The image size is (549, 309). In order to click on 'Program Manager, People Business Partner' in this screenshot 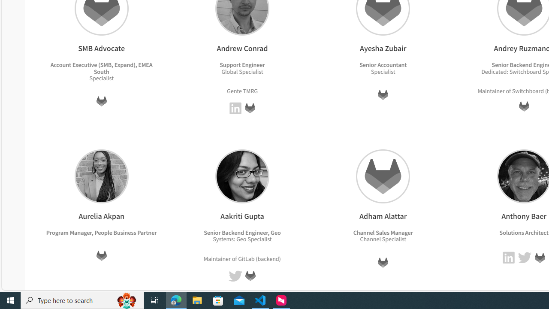, I will do `click(101, 232)`.